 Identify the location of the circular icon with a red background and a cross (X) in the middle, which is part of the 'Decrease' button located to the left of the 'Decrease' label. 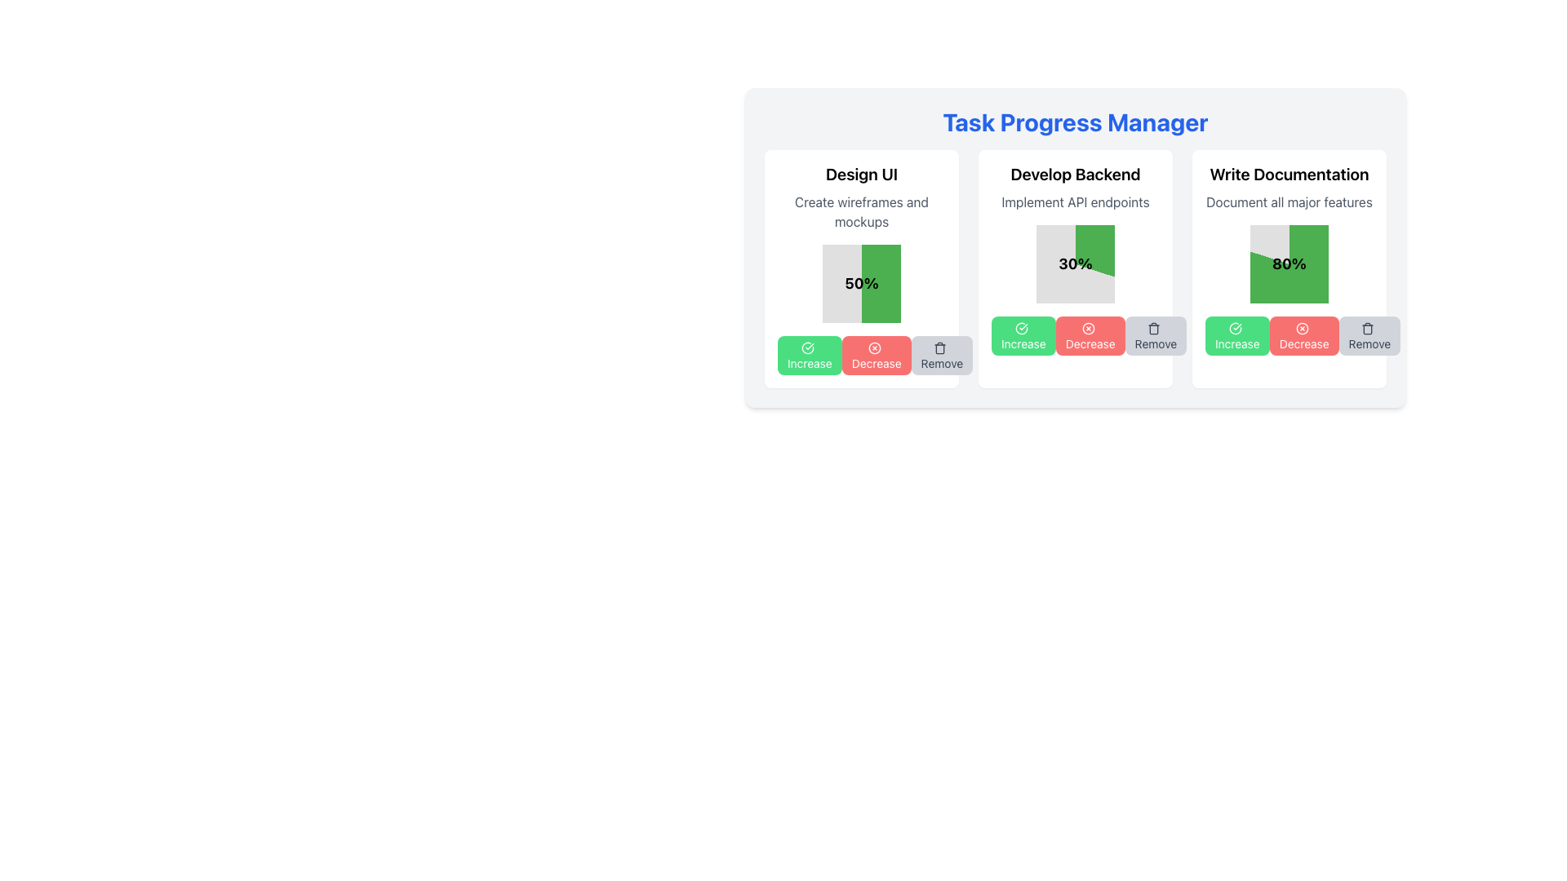
(1089, 329).